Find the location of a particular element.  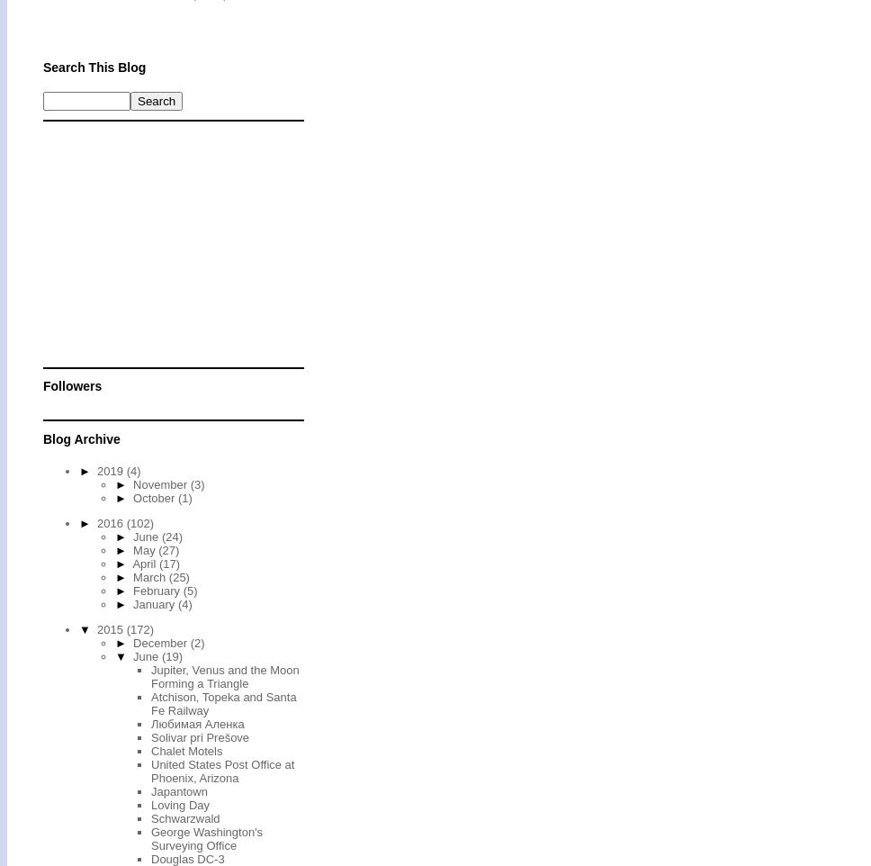

'2019' is located at coordinates (97, 469).